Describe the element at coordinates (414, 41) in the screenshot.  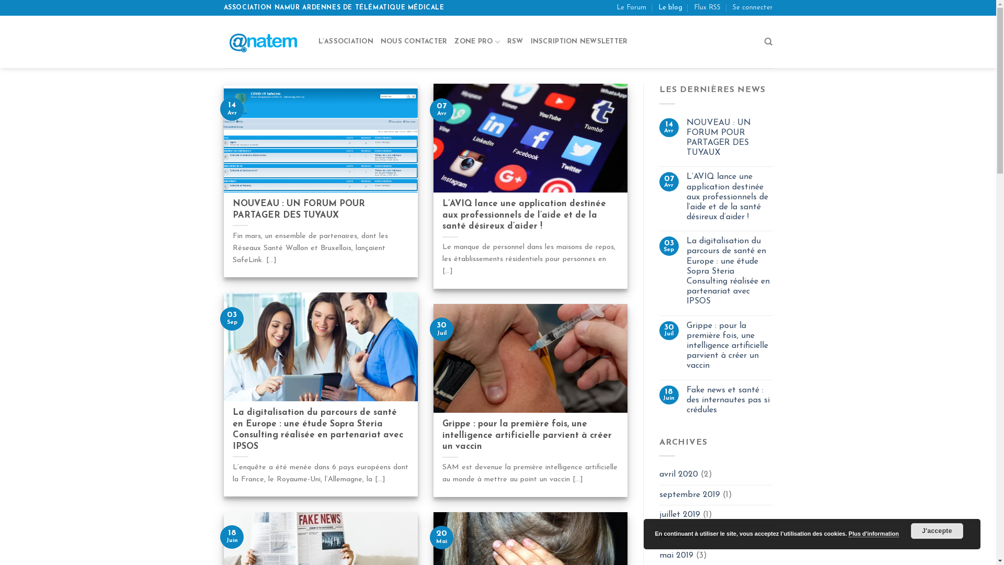
I see `'NOUS CONTACTER'` at that location.